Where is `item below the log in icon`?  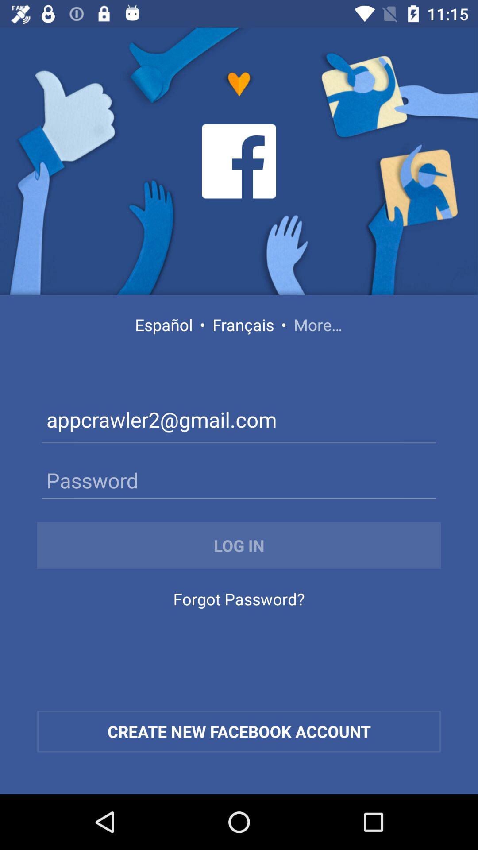
item below the log in icon is located at coordinates (239, 601).